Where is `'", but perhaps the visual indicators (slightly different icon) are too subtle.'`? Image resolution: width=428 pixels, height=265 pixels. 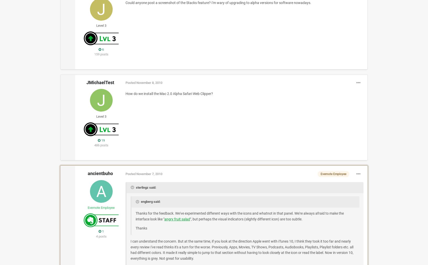 '", but perhaps the visual indicators (slightly different icon) are too subtle.' is located at coordinates (246, 218).